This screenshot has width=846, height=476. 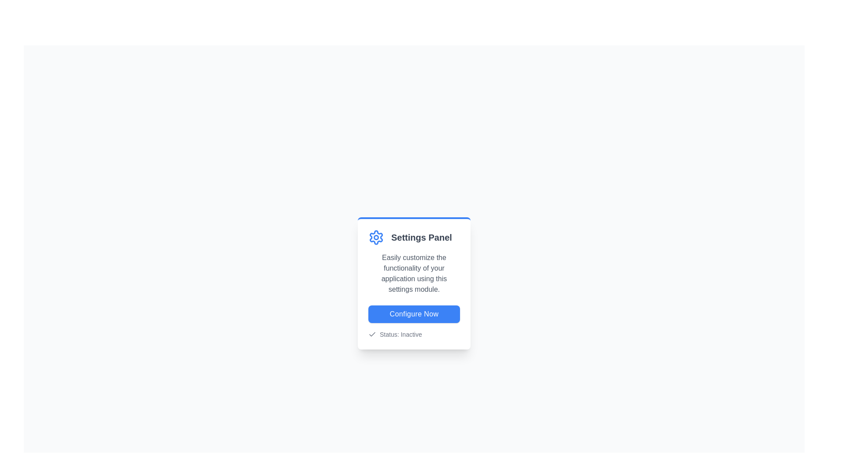 I want to click on the 'Settings Panel' text label, which is styled in a bold, large font and is part of a card-like UI component, positioned to the right of a gear-shaped icon, so click(x=421, y=237).